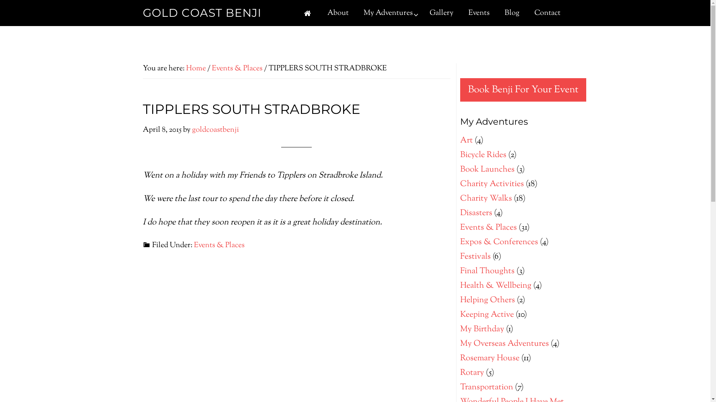 The width and height of the screenshot is (716, 402). What do you see at coordinates (487, 387) in the screenshot?
I see `'Transportation'` at bounding box center [487, 387].